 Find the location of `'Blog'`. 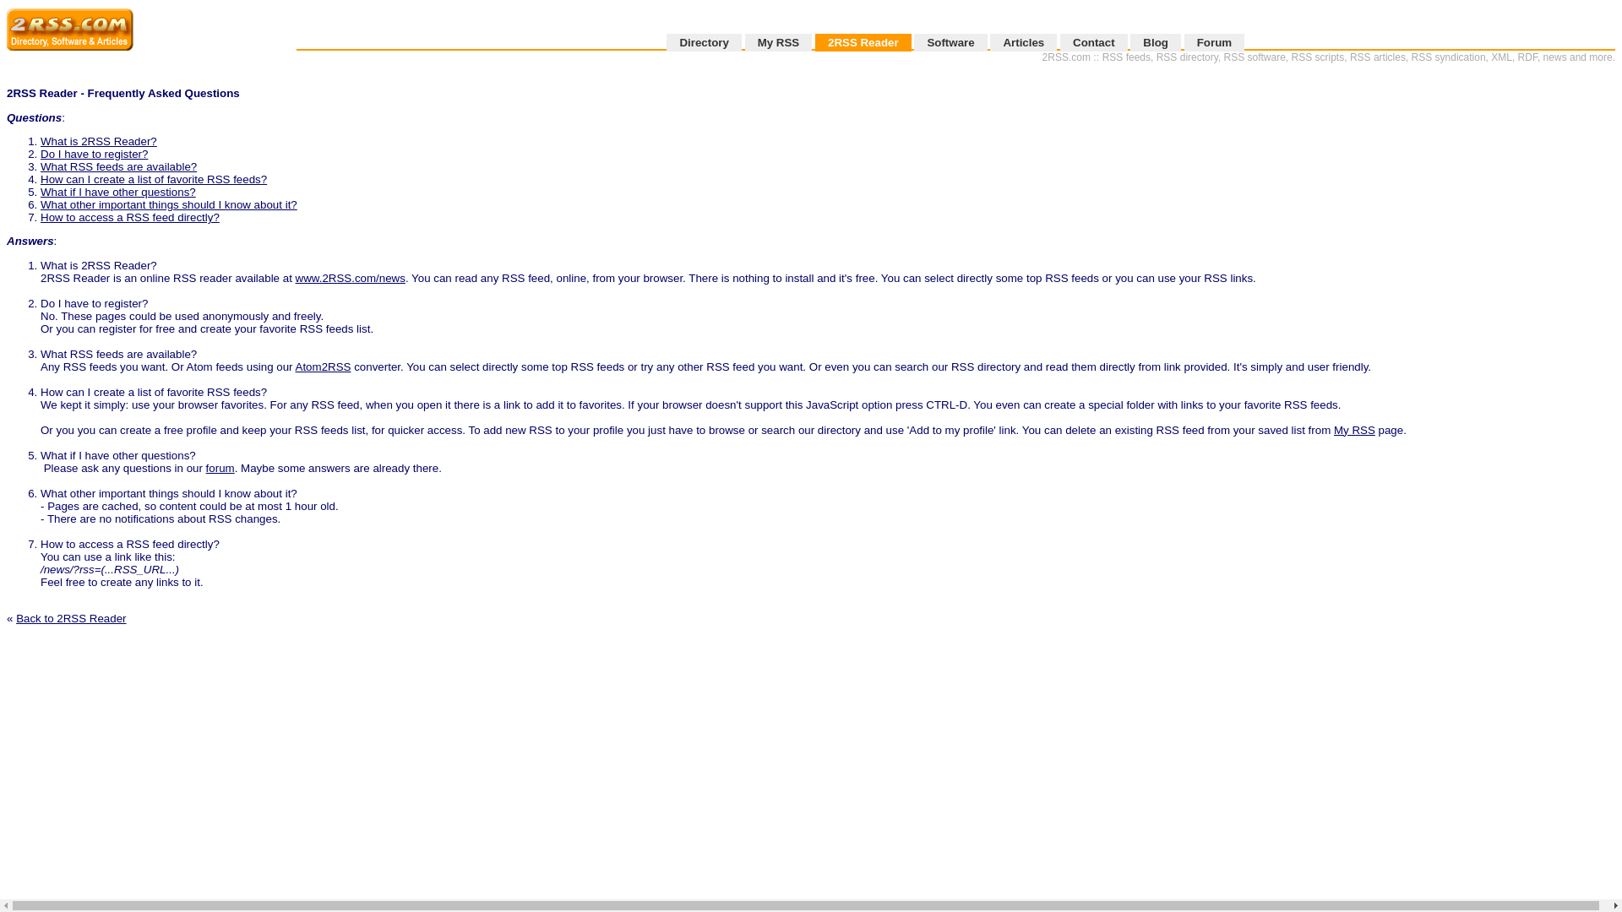

'Blog' is located at coordinates (1155, 41).